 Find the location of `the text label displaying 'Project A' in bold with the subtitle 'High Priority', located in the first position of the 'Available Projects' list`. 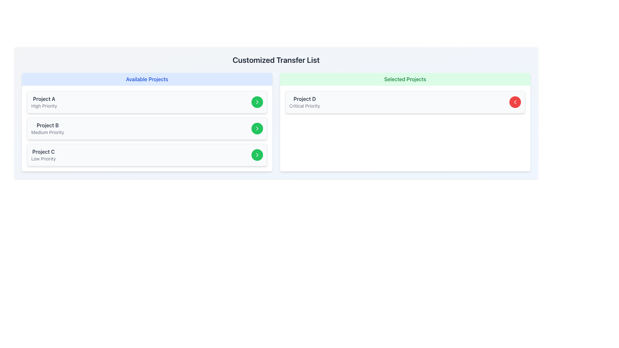

the text label displaying 'Project A' in bold with the subtitle 'High Priority', located in the first position of the 'Available Projects' list is located at coordinates (44, 101).